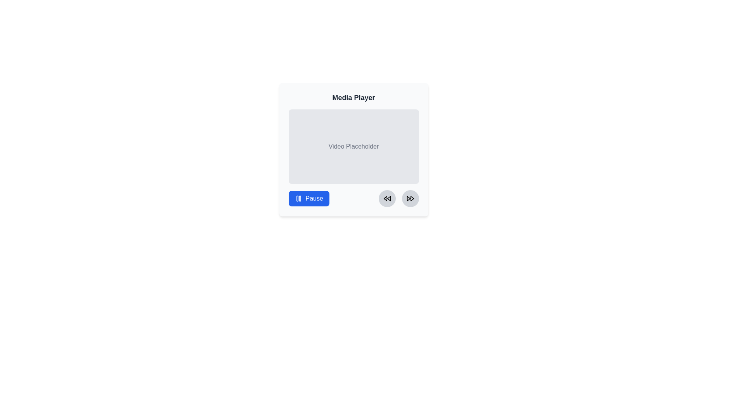 Image resolution: width=745 pixels, height=419 pixels. What do you see at coordinates (353, 147) in the screenshot?
I see `the Text Label that indicates a video or similar media is supposed to be displayed, positioned centrally within a gray background box with rounded corners` at bounding box center [353, 147].